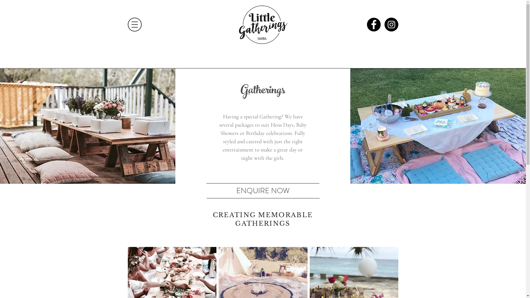 The width and height of the screenshot is (530, 298). I want to click on 'ENQUIRE NOW', so click(263, 190).